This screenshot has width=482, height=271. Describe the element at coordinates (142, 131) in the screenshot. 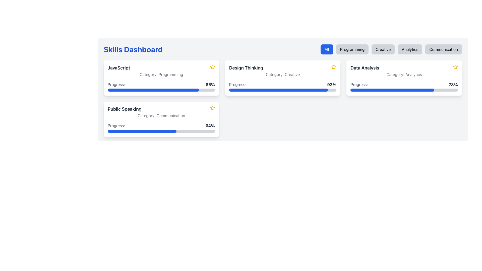

I see `the filled portion of the blue progress bar representing 64% progress in the 'Public Speaking' skill card, located below the 'Progress:' label` at that location.